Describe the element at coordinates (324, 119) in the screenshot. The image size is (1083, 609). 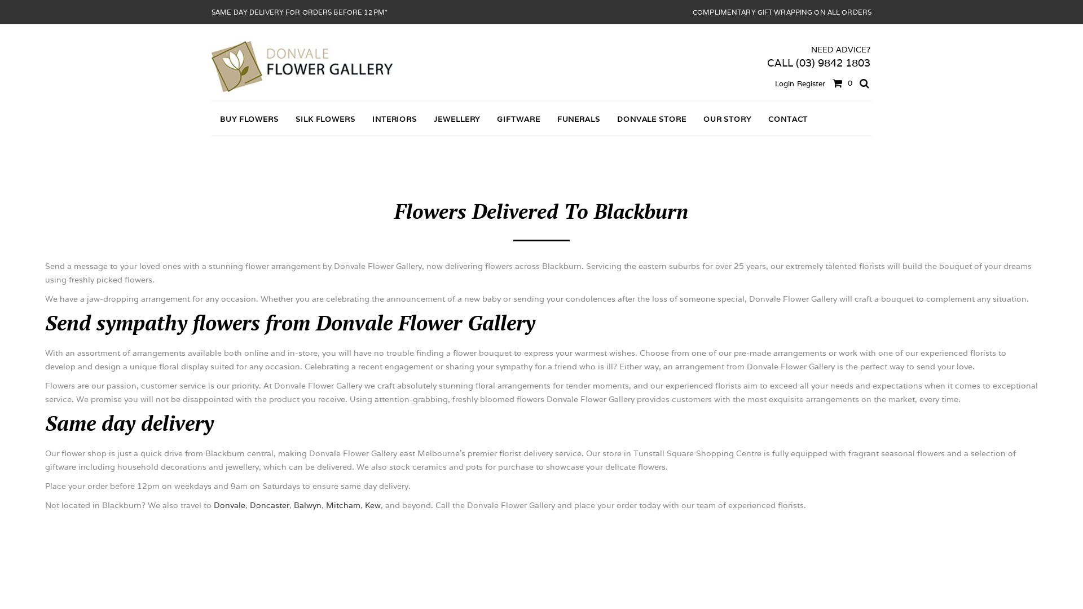
I see `'SILK FLOWERS'` at that location.